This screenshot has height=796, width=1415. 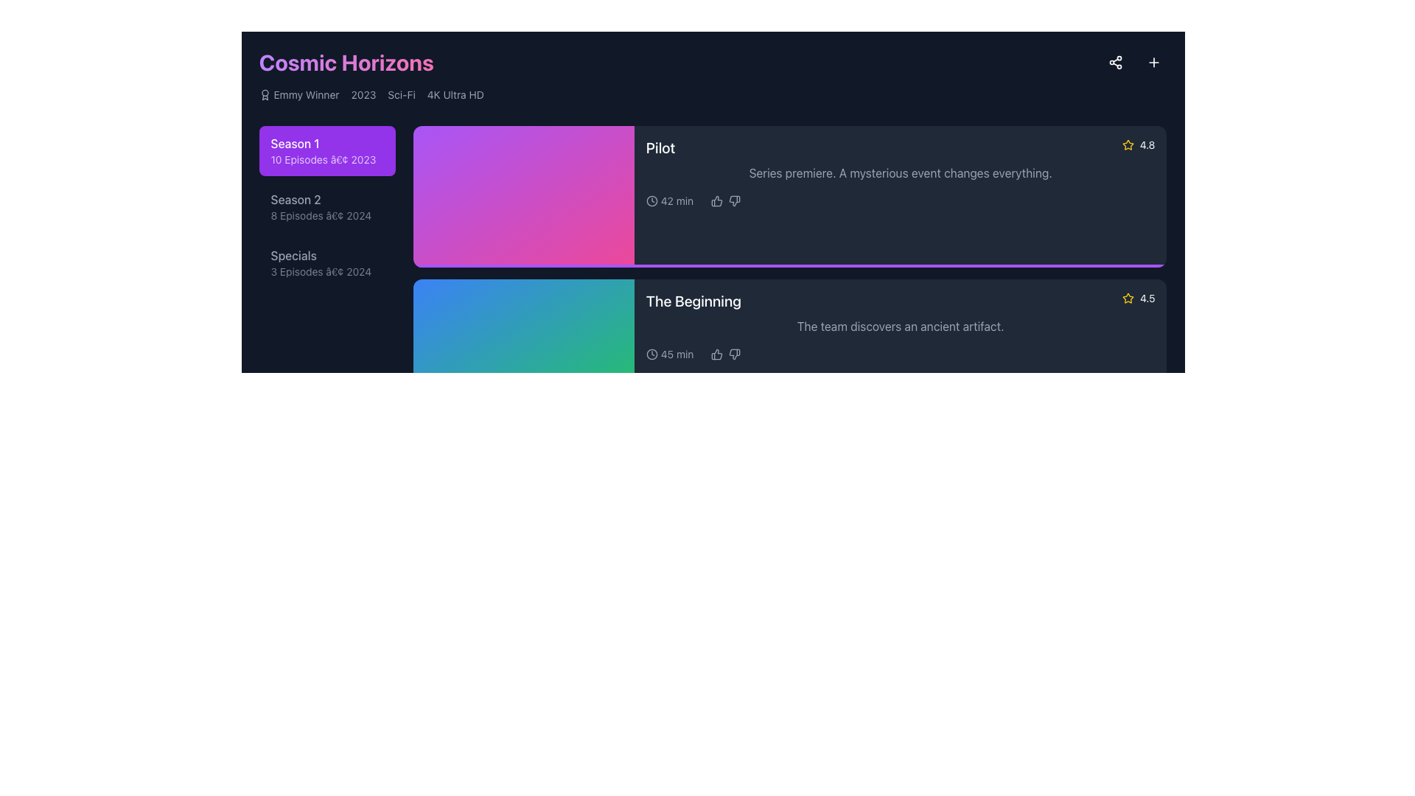 What do you see at coordinates (900, 172) in the screenshot?
I see `the static text displaying 'Series premiere. A mysterious event changes everything.' which is located beneath the title 'Pilot'` at bounding box center [900, 172].